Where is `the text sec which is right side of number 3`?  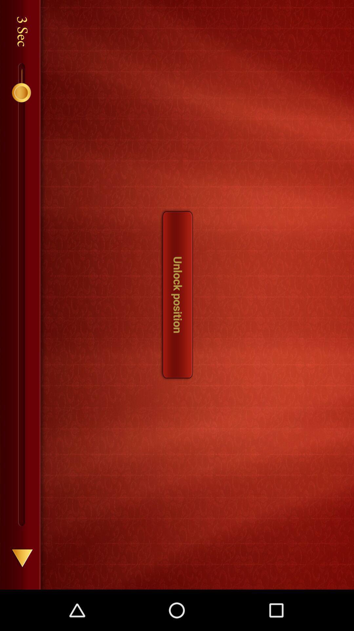
the text sec which is right side of number 3 is located at coordinates (25, 41).